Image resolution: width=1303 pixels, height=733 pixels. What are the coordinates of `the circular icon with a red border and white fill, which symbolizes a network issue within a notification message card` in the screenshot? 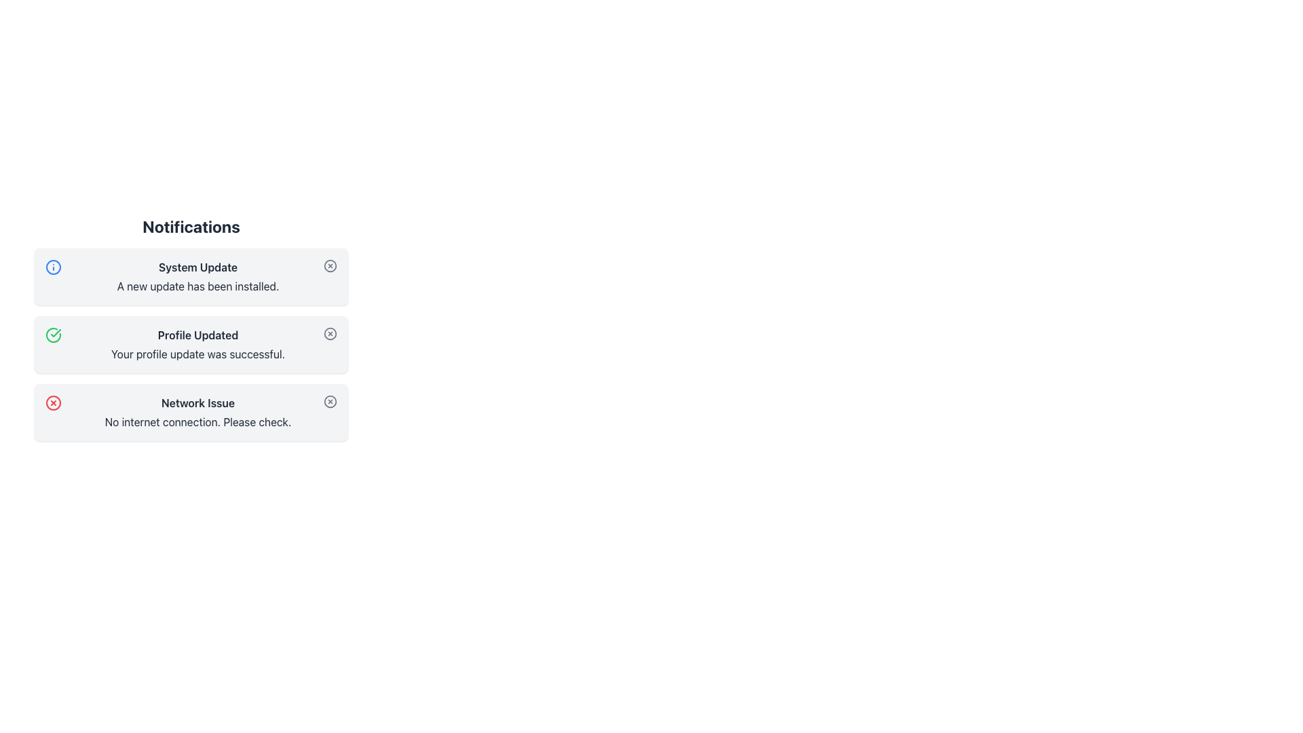 It's located at (53, 402).